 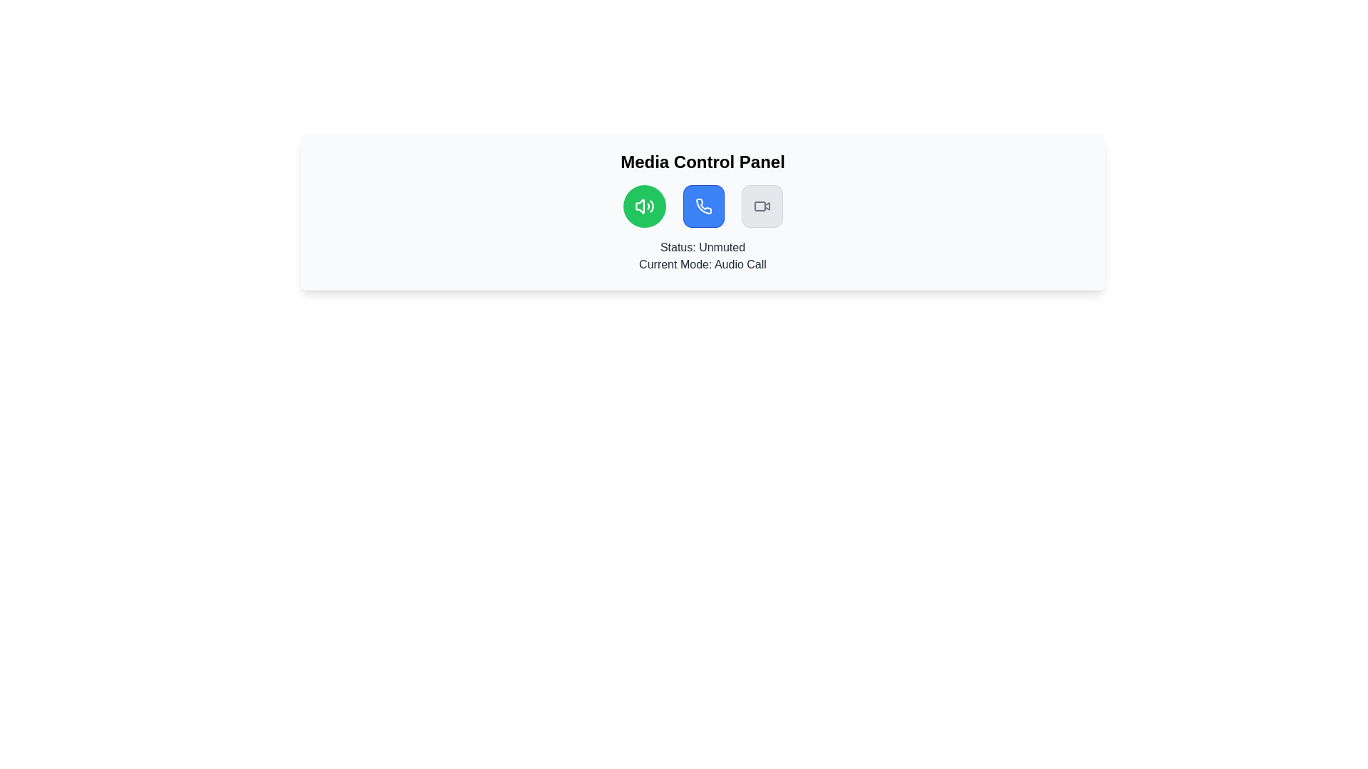 What do you see at coordinates (703, 255) in the screenshot?
I see `the Text Display element that indicates the current status ('Unmuted') and mode ('Audio Call') within the 'Media Control Panel' section` at bounding box center [703, 255].